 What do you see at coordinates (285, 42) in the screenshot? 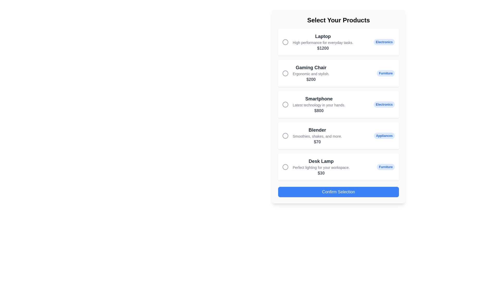
I see `the circular radio button located in the 'Select Your Products' section, which precedes the text 'Laptop High performance for everyday tasks. $1200'` at bounding box center [285, 42].